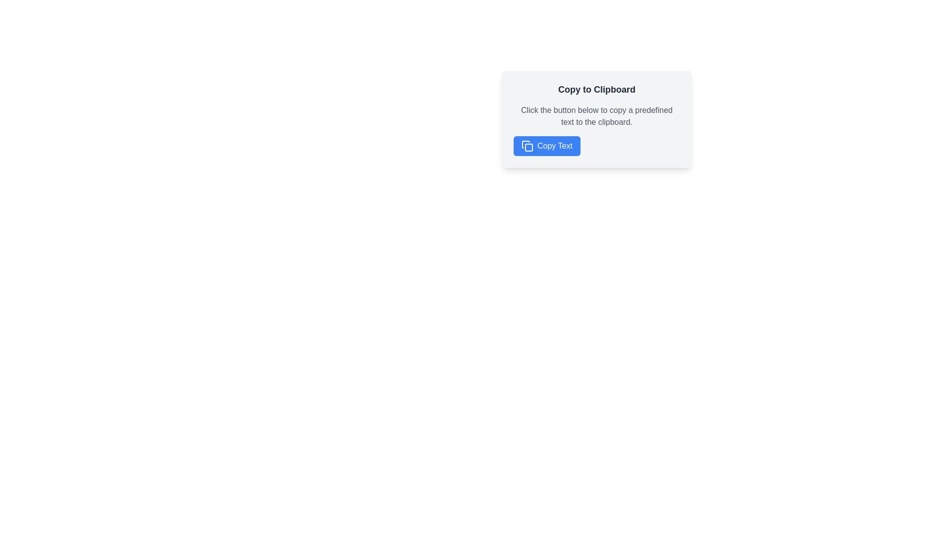 Image resolution: width=951 pixels, height=535 pixels. I want to click on the Decorative SVG rectangle component, which is a small, square-shaped element with rounded corners located within the 'Copy Text' button's SVG structure, so click(528, 147).